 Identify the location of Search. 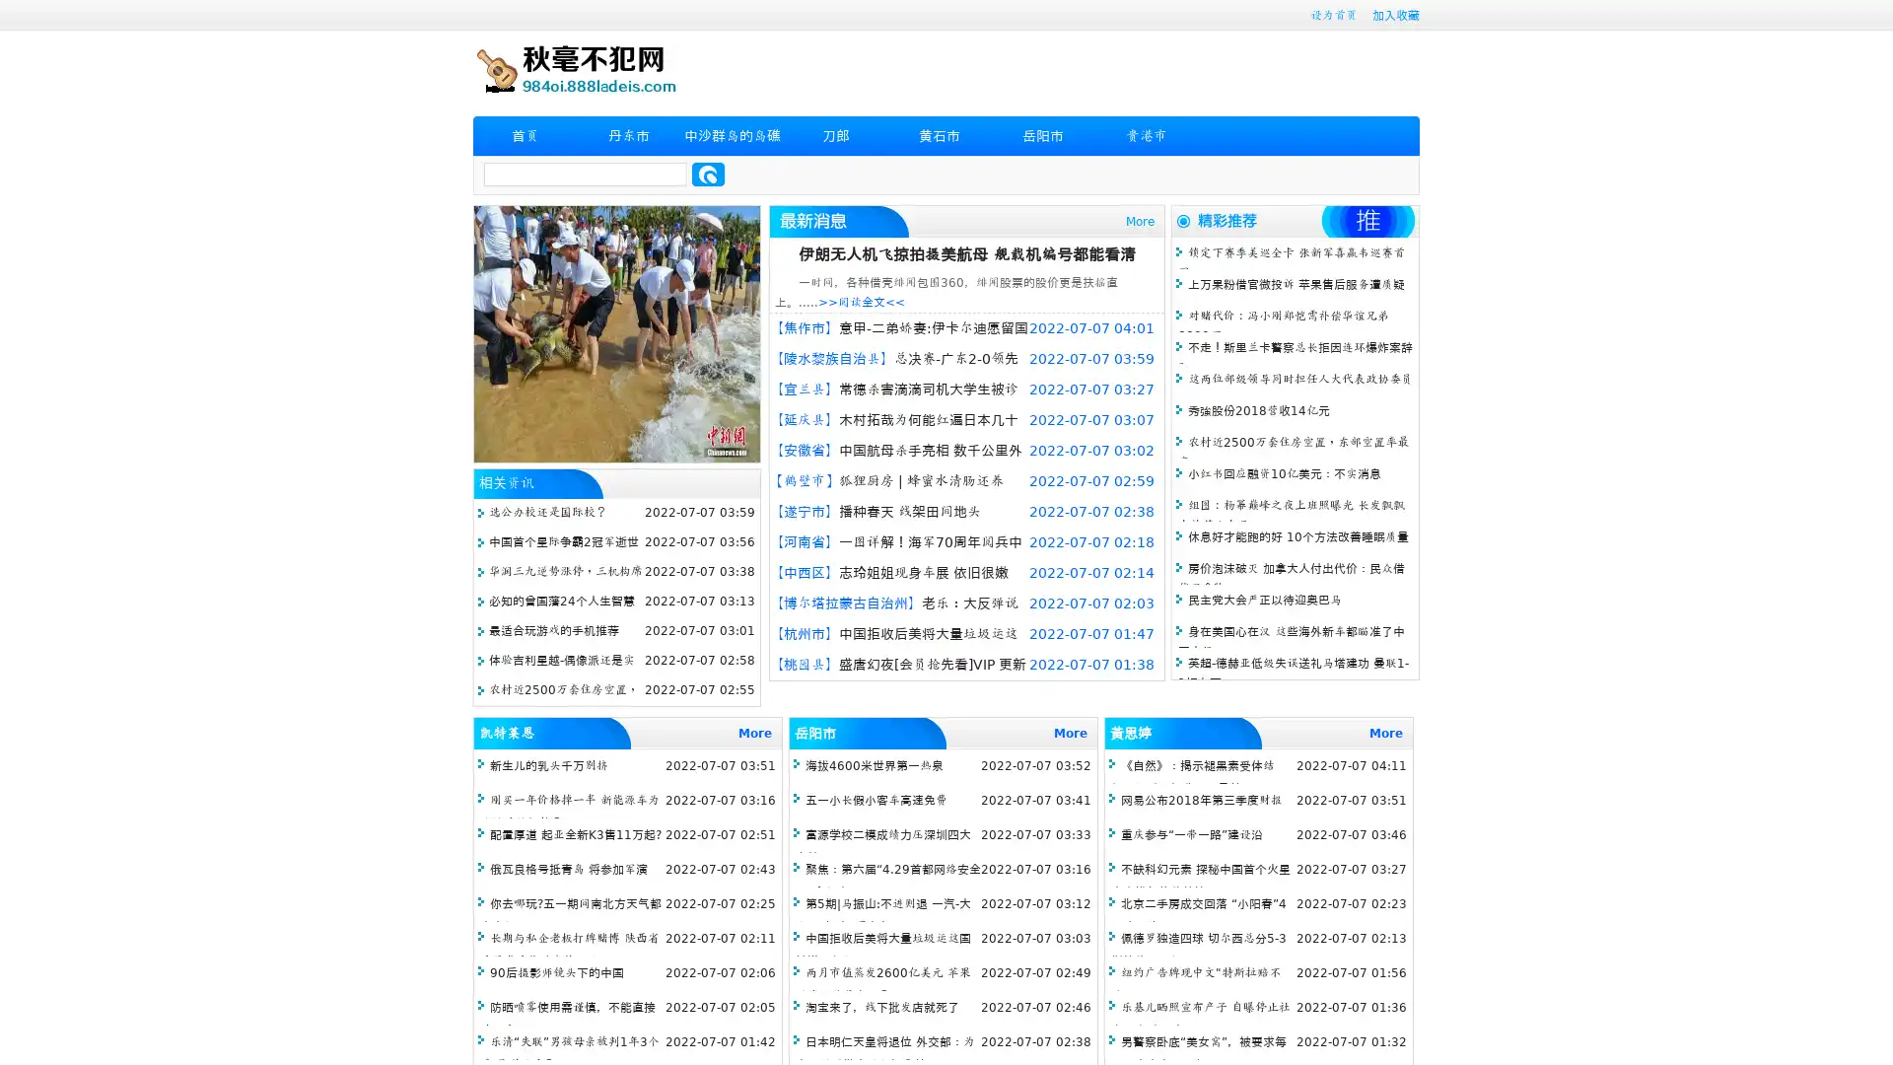
(708, 174).